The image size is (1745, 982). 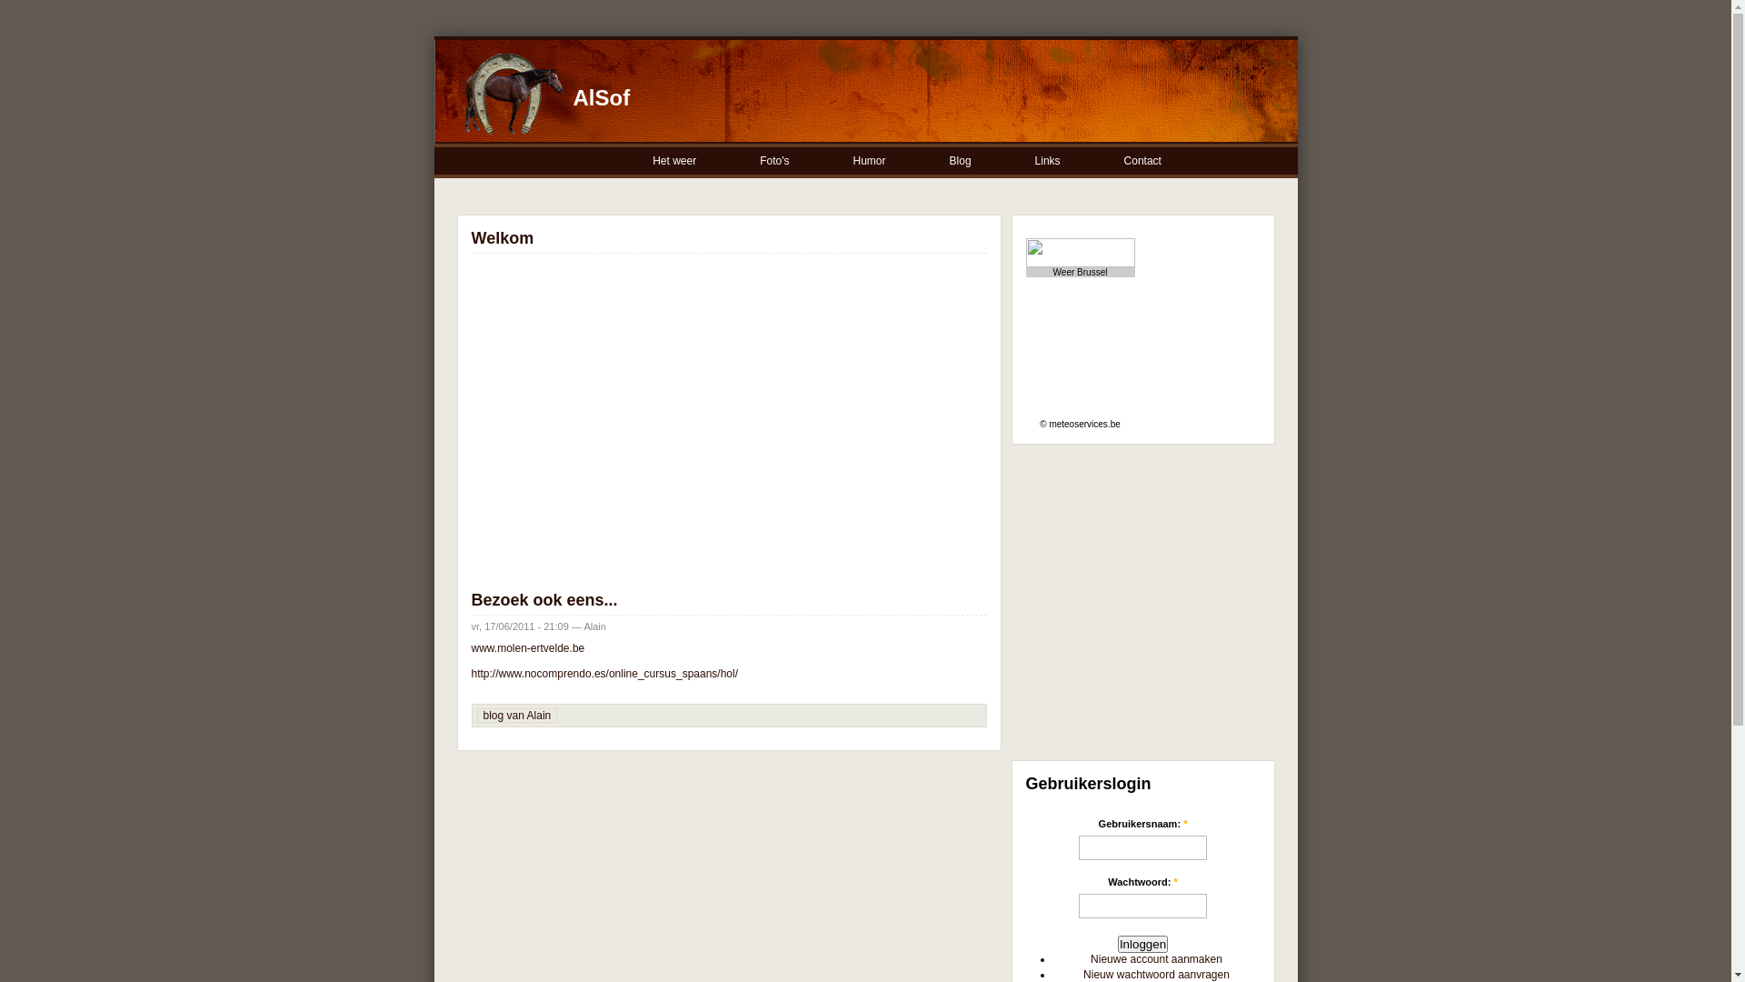 I want to click on 'Weer Brussel', so click(x=1052, y=272).